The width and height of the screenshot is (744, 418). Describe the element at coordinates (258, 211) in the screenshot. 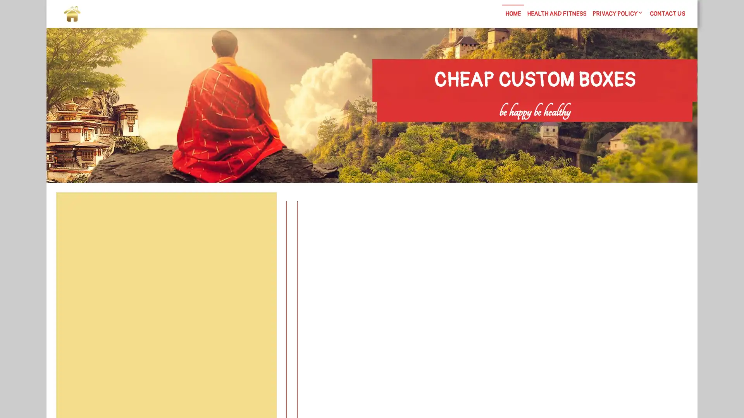

I see `Search` at that location.